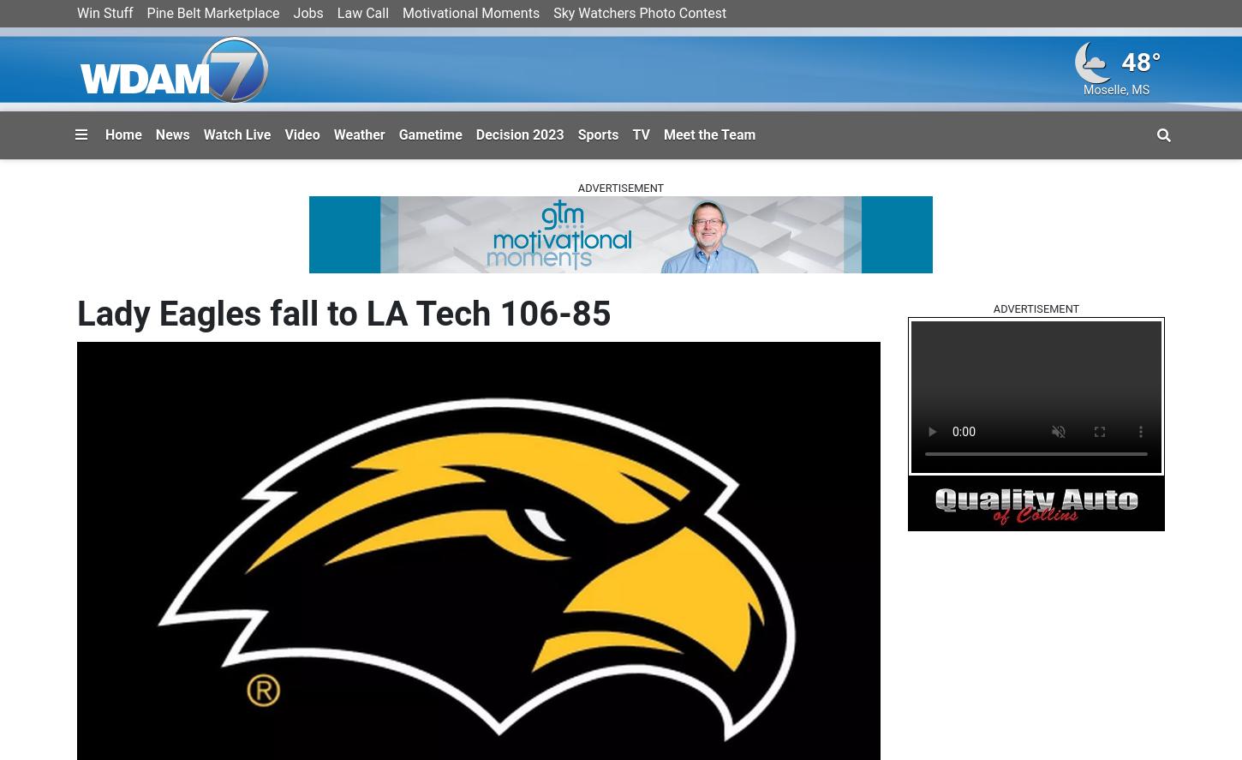 This screenshot has height=760, width=1242. I want to click on 'Sports', so click(597, 133).